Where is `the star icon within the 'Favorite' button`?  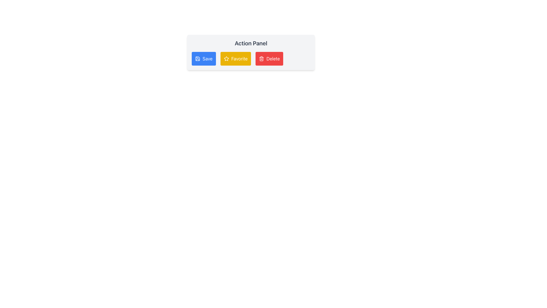 the star icon within the 'Favorite' button is located at coordinates (226, 58).